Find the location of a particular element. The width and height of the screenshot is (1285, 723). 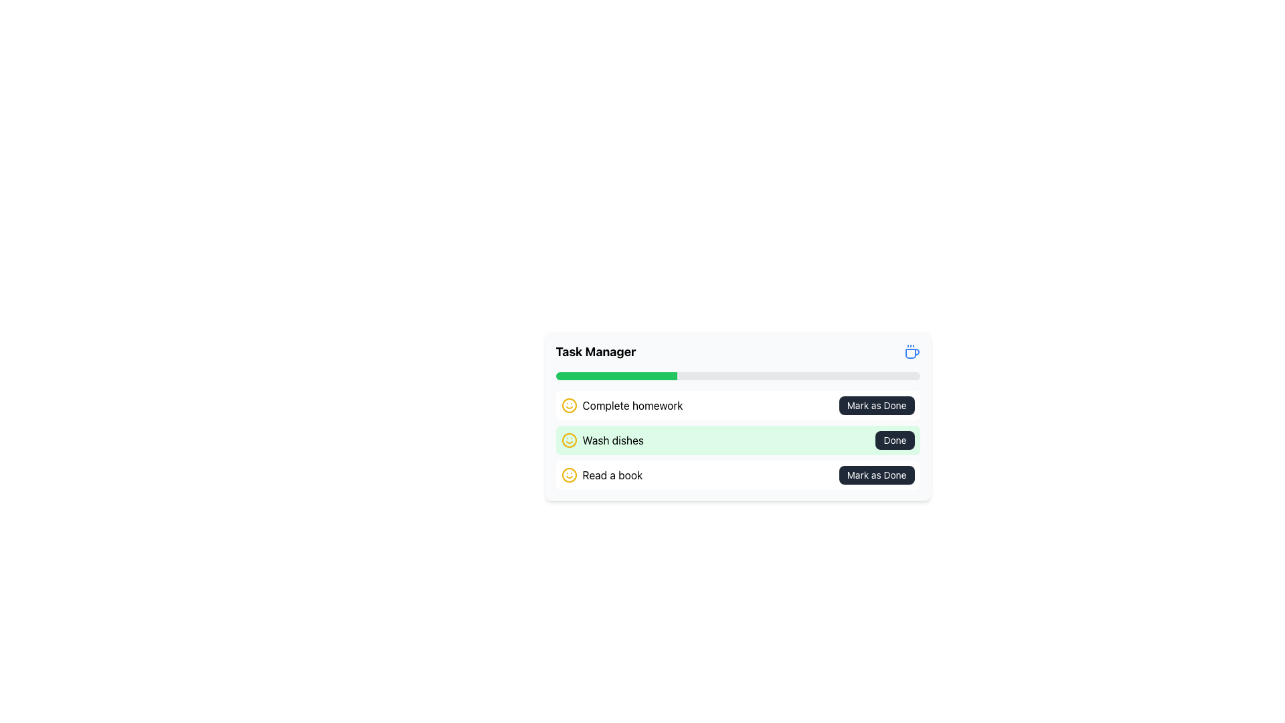

the yellow outlined smiley face emoji icon located to the left of the 'Wash dishes' text in the second task item of the Task Manager's list is located at coordinates (569, 440).